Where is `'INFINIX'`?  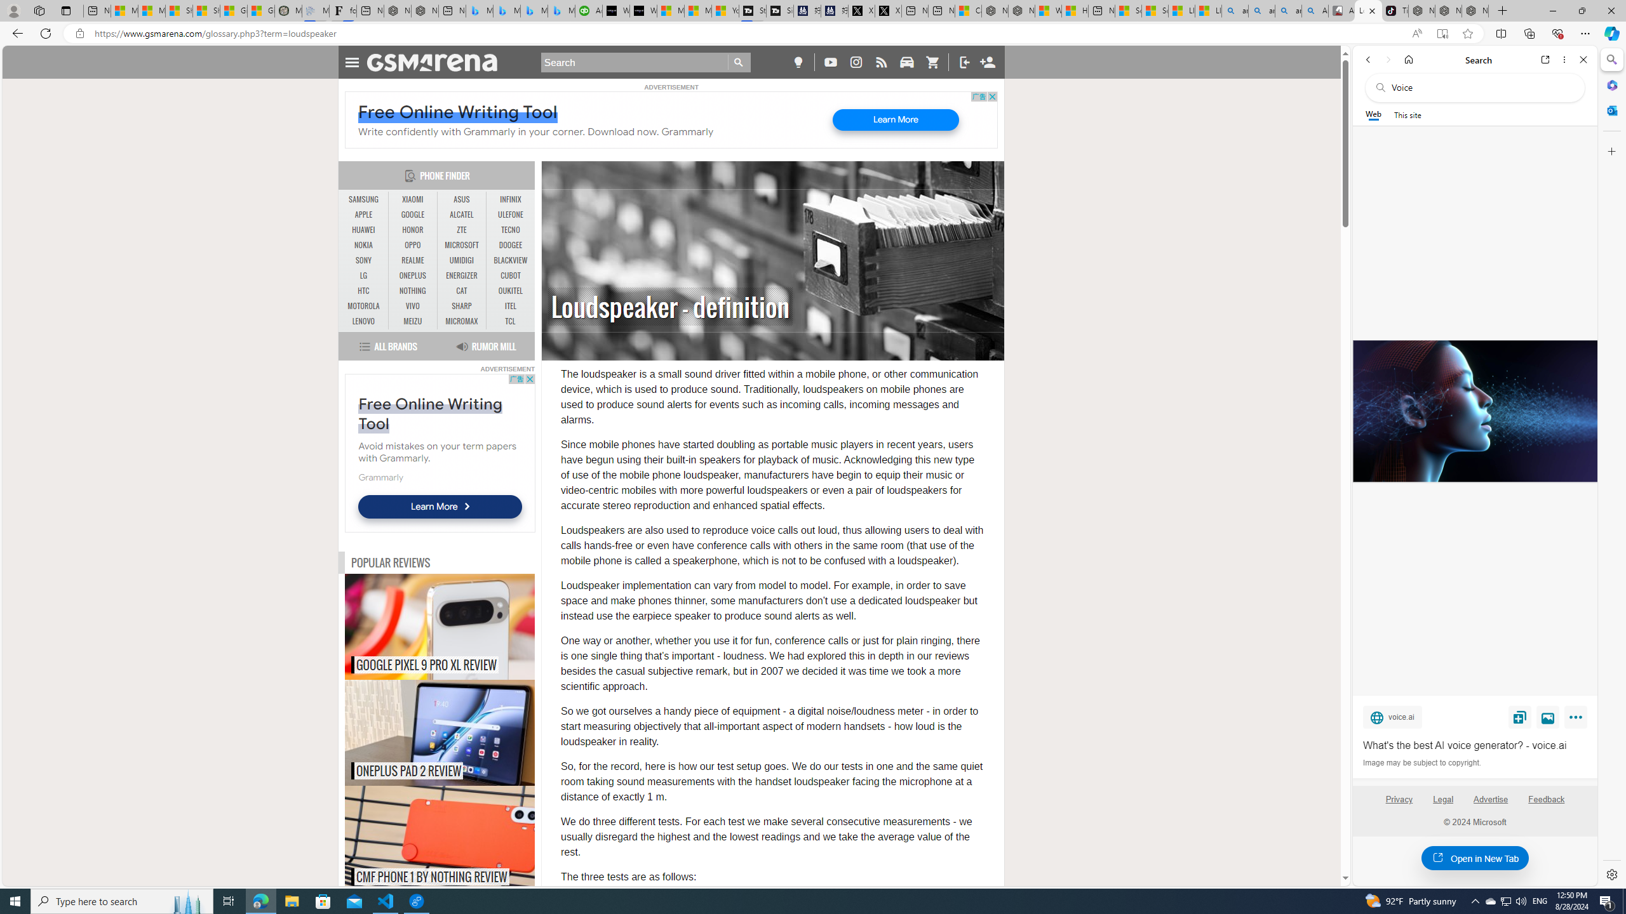 'INFINIX' is located at coordinates (510, 199).